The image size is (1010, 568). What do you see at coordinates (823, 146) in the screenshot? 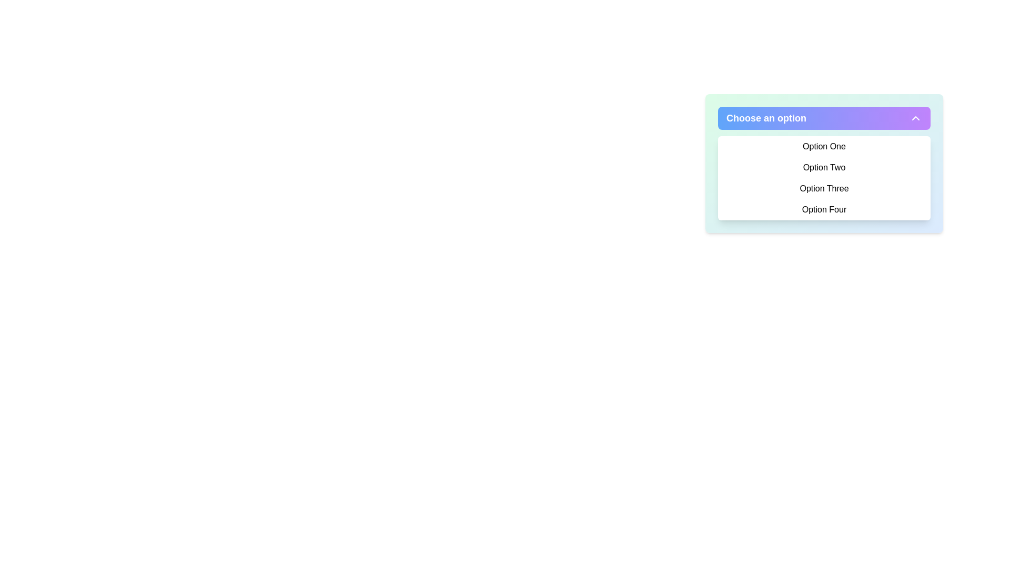
I see `the first item in the dropdown menu labeled 'Option One'` at bounding box center [823, 146].